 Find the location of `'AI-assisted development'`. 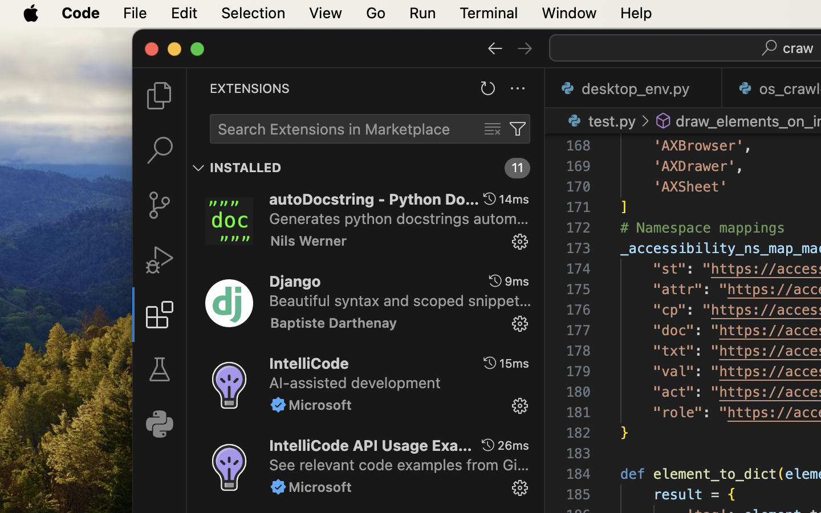

'AI-assisted development' is located at coordinates (354, 382).